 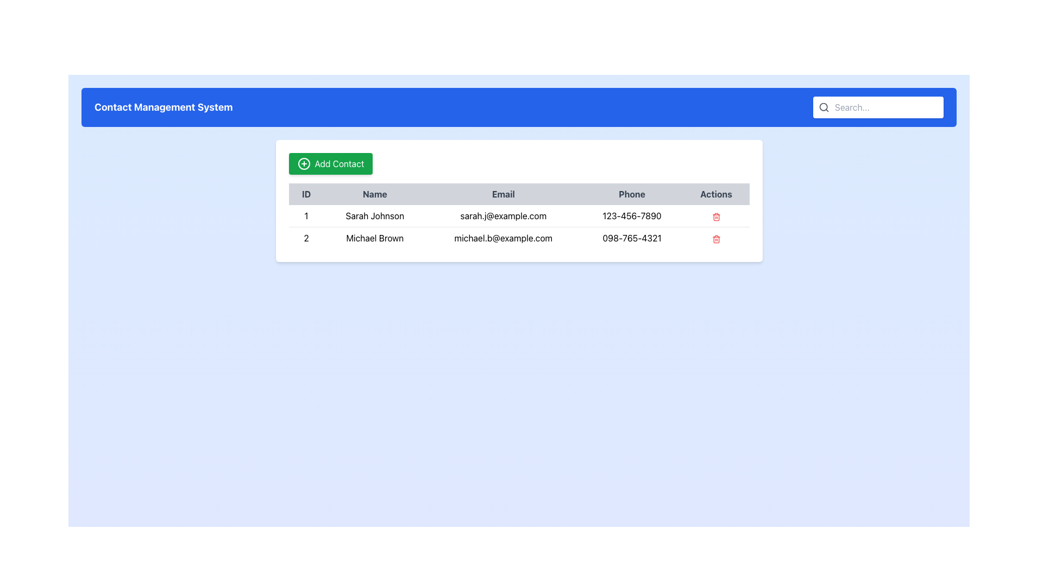 I want to click on the Text label displaying the index or identifier of the second row in the table, which precedes the name 'Michael Brown', so click(x=306, y=237).